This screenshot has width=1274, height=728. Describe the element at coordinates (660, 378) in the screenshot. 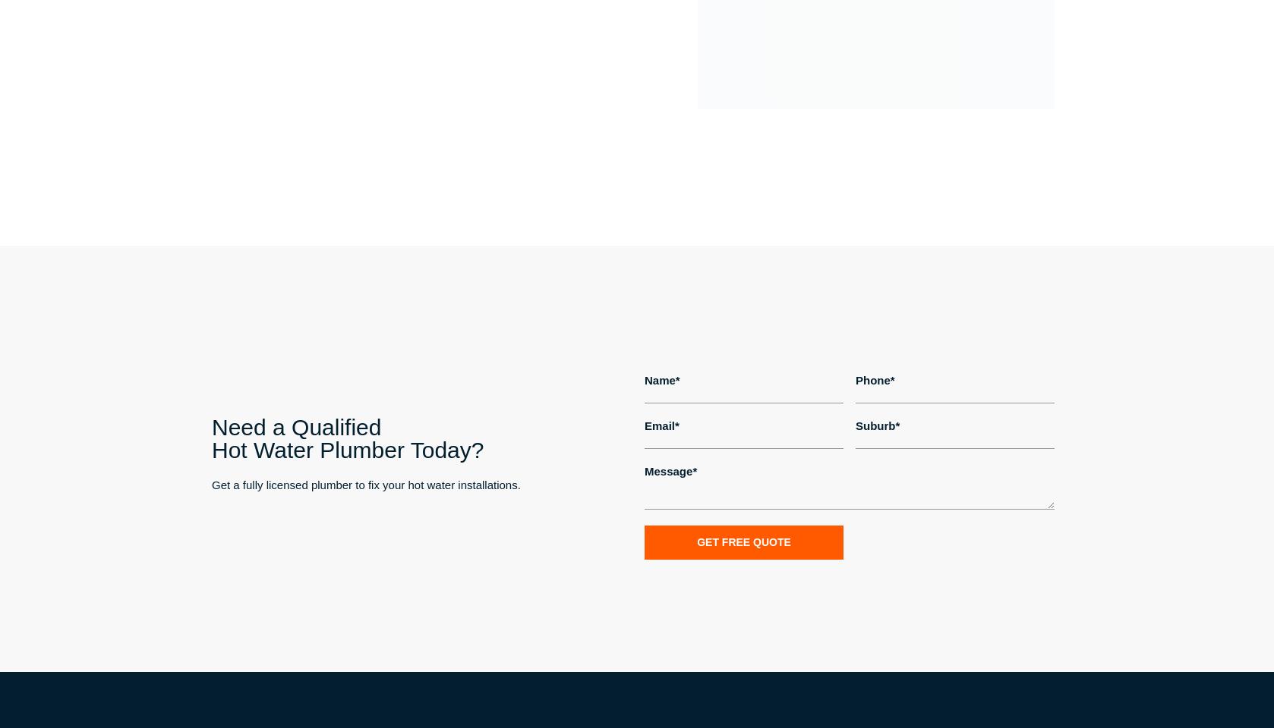

I see `'Name'` at that location.